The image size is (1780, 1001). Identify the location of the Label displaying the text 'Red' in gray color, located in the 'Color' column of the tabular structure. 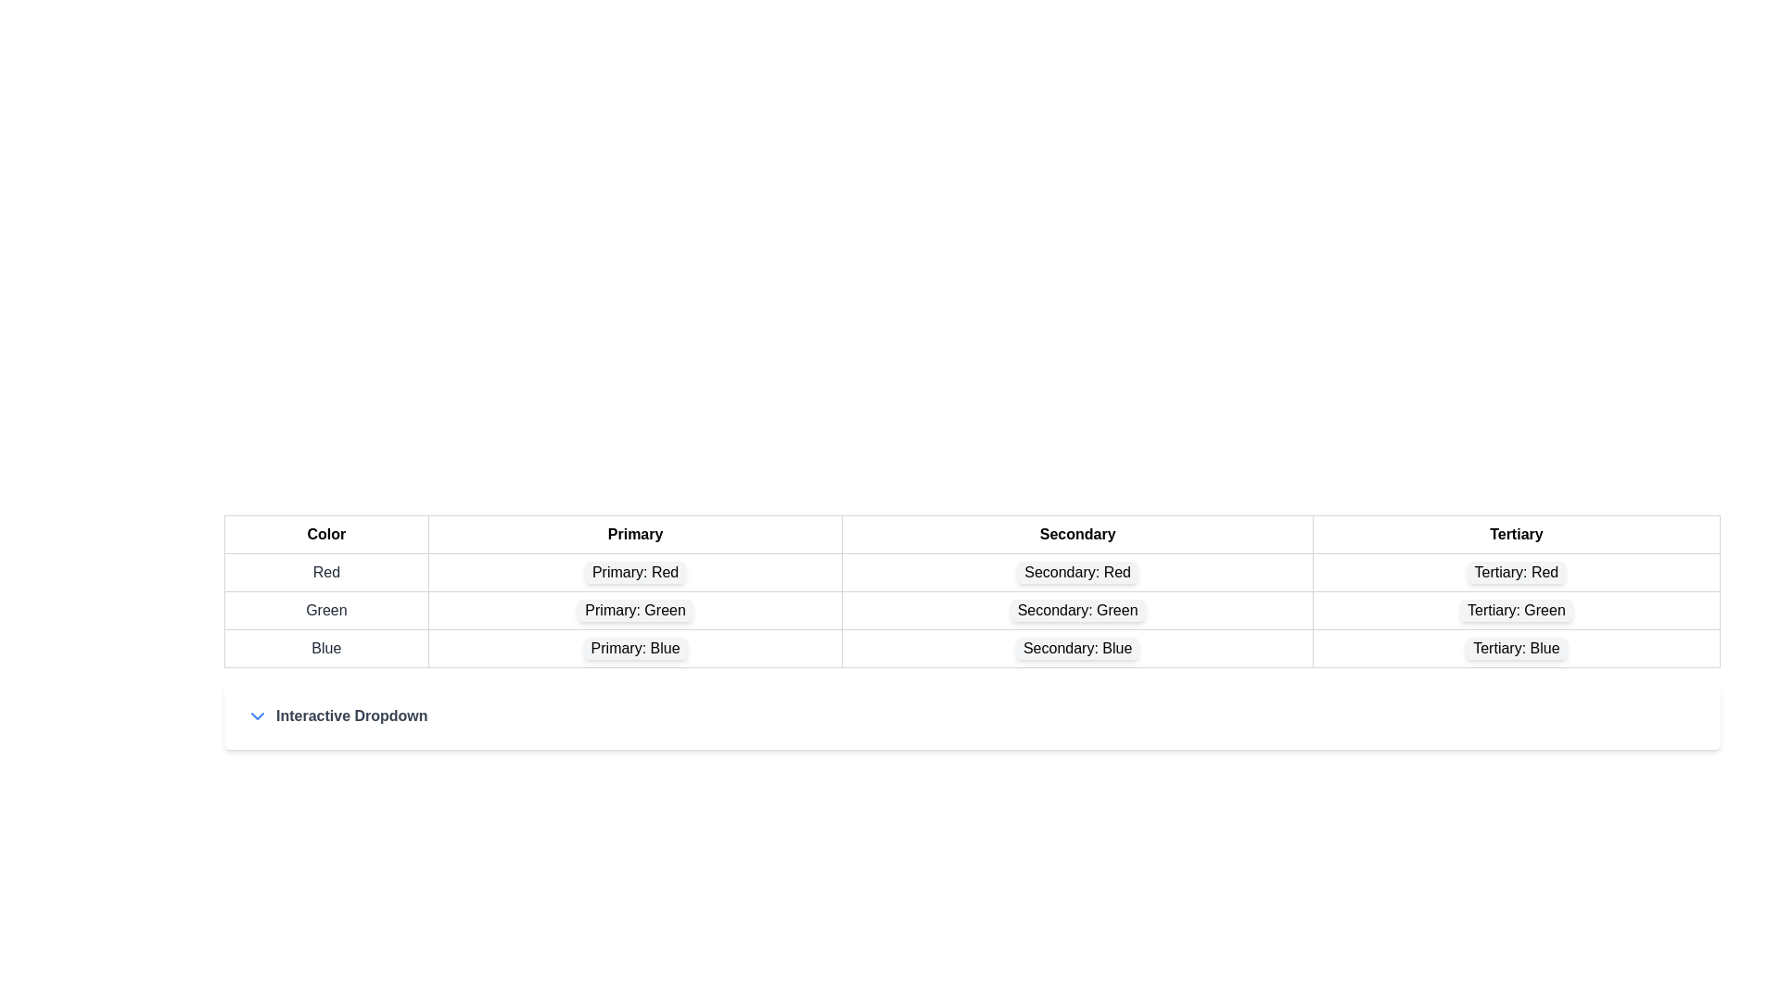
(326, 571).